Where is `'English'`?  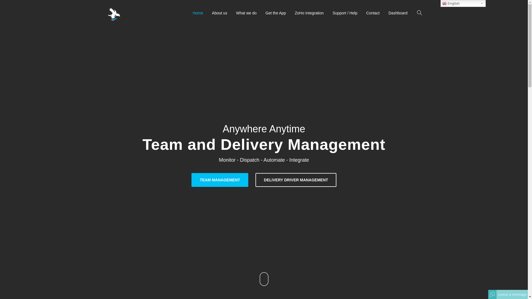 'English' is located at coordinates (463, 3).